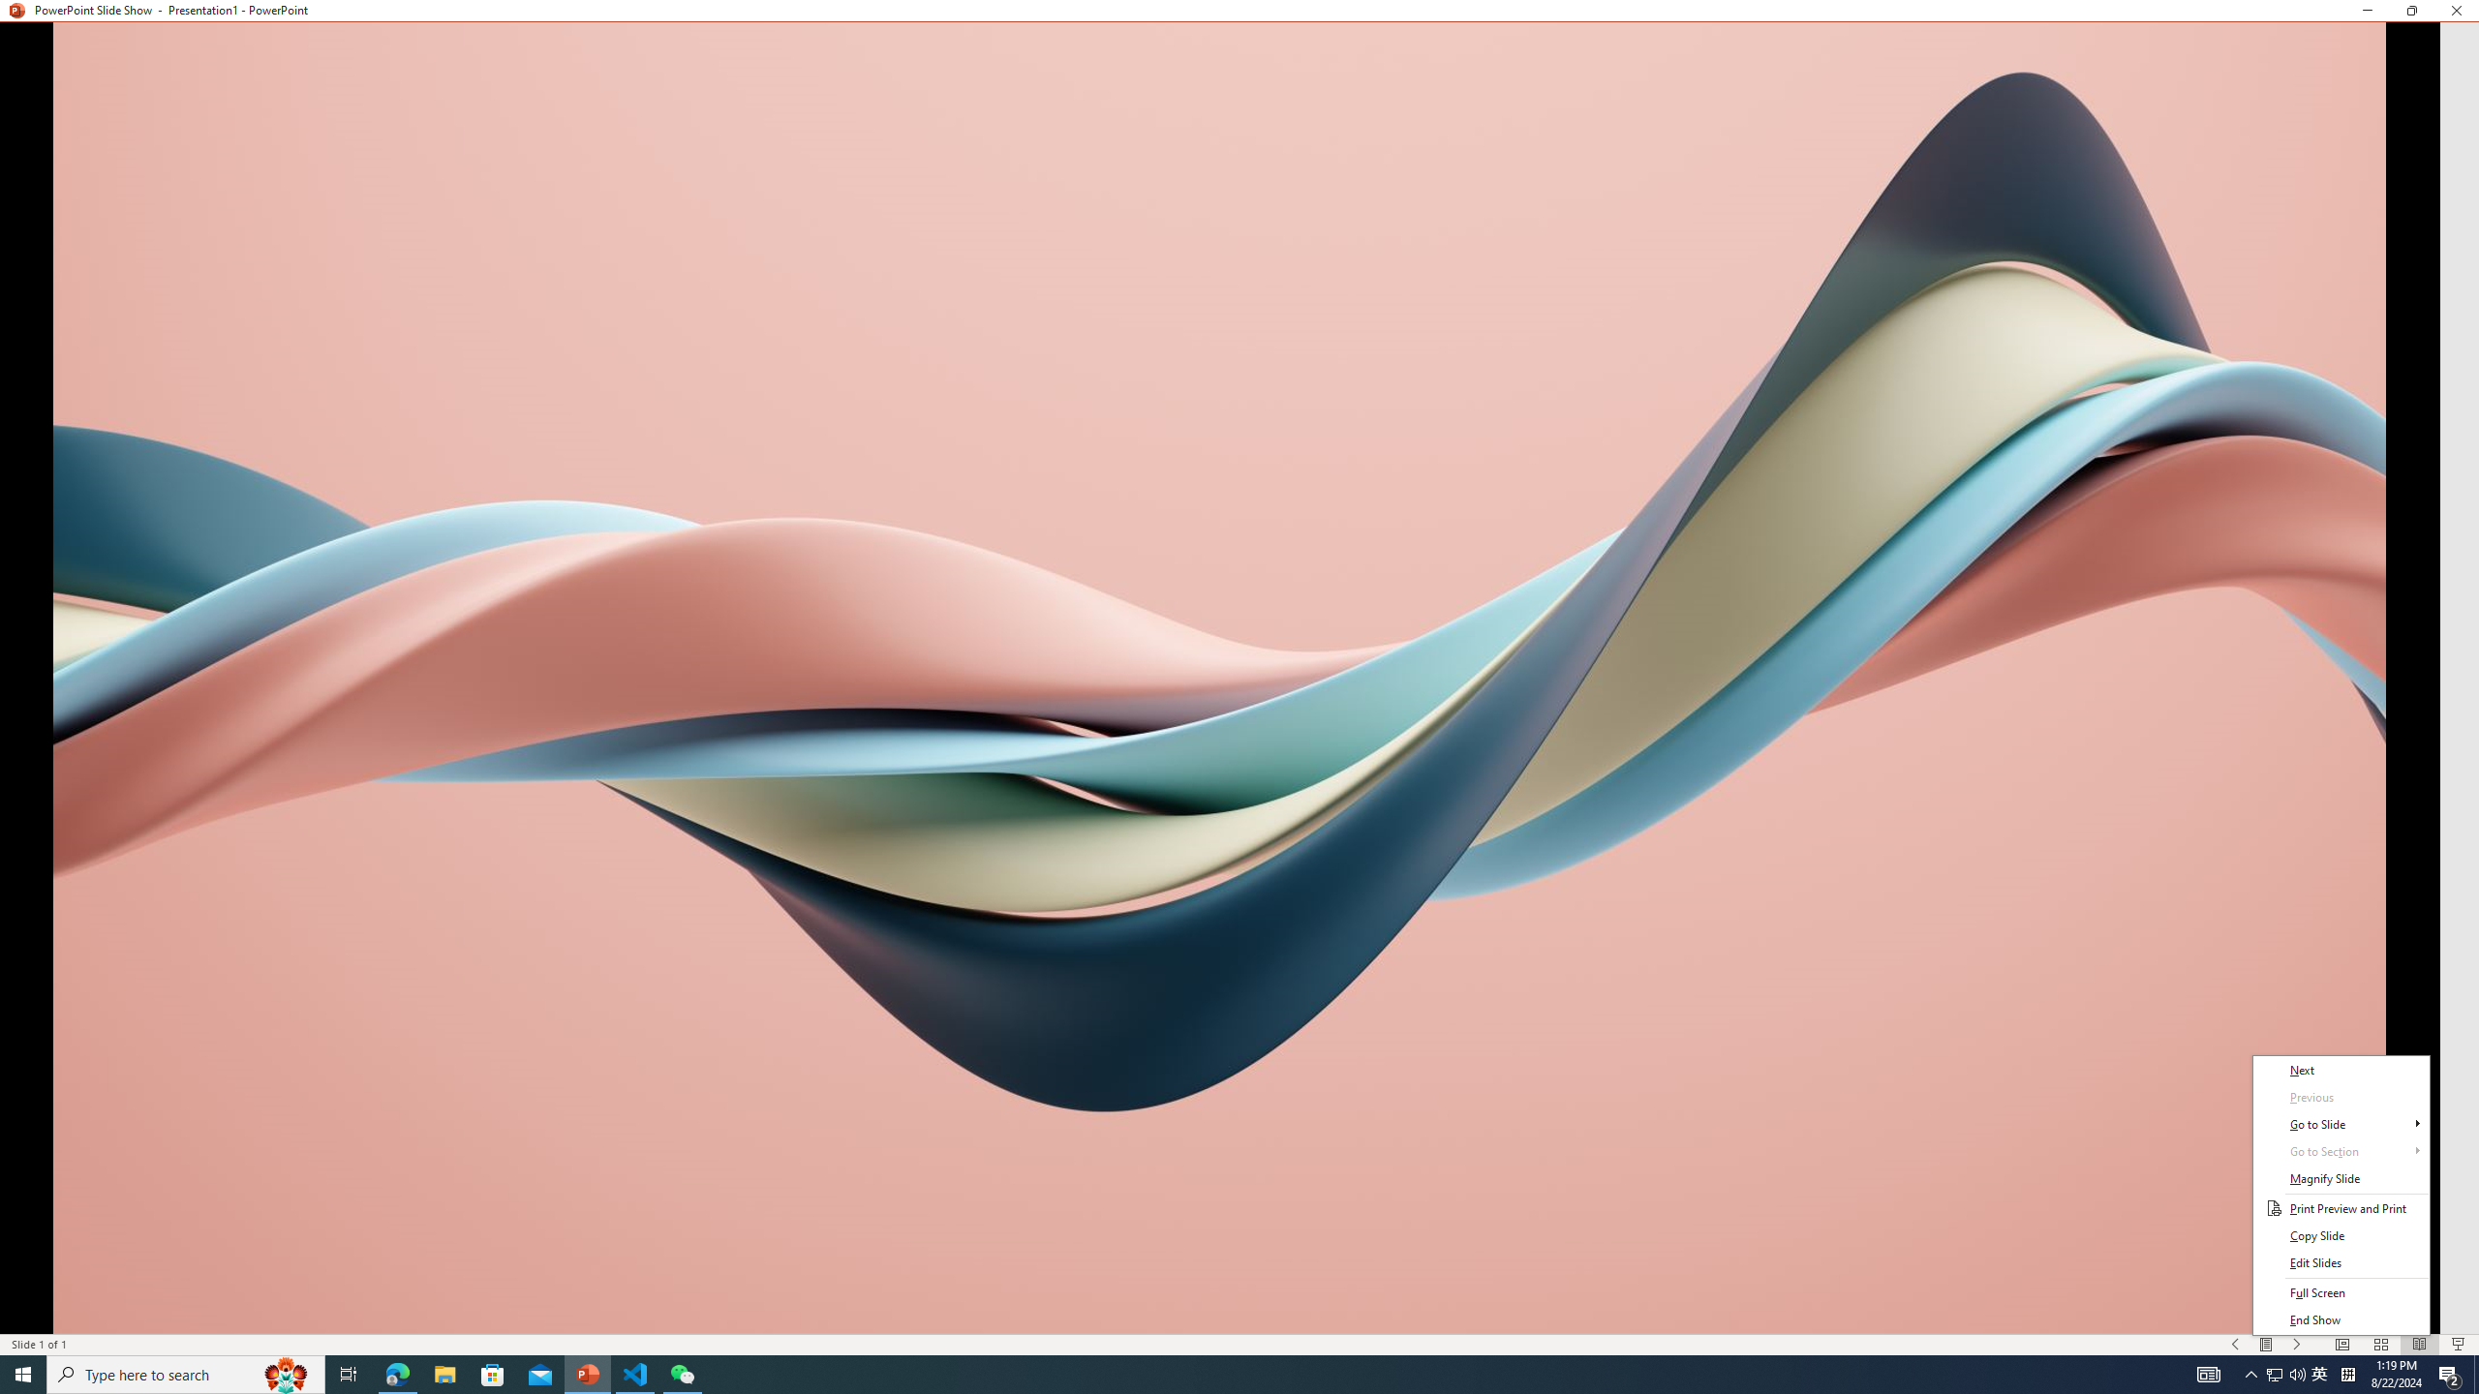  I want to click on 'Full Screen', so click(2341, 1293).